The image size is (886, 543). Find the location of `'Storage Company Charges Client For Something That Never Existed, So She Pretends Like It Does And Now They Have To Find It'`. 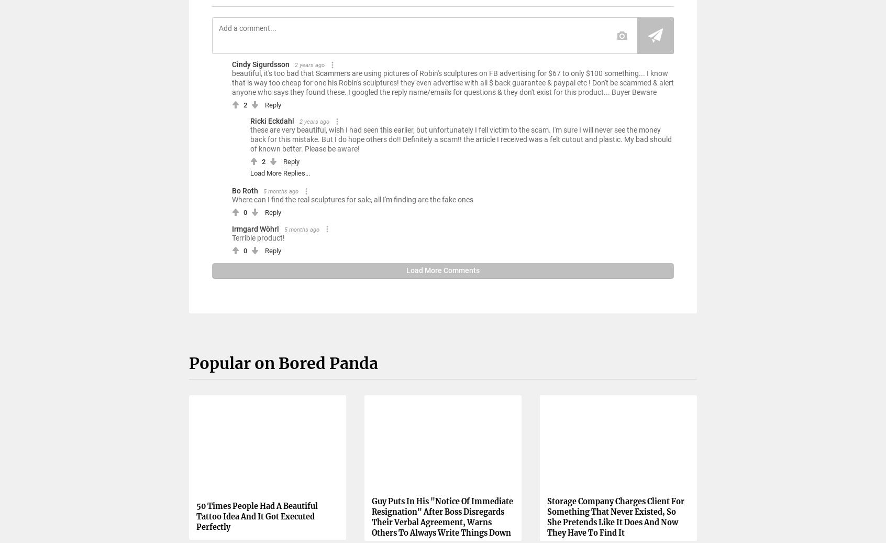

'Storage Company Charges Client For Something That Never Existed, So She Pretends Like It Does And Now They Have To Find It' is located at coordinates (546, 516).